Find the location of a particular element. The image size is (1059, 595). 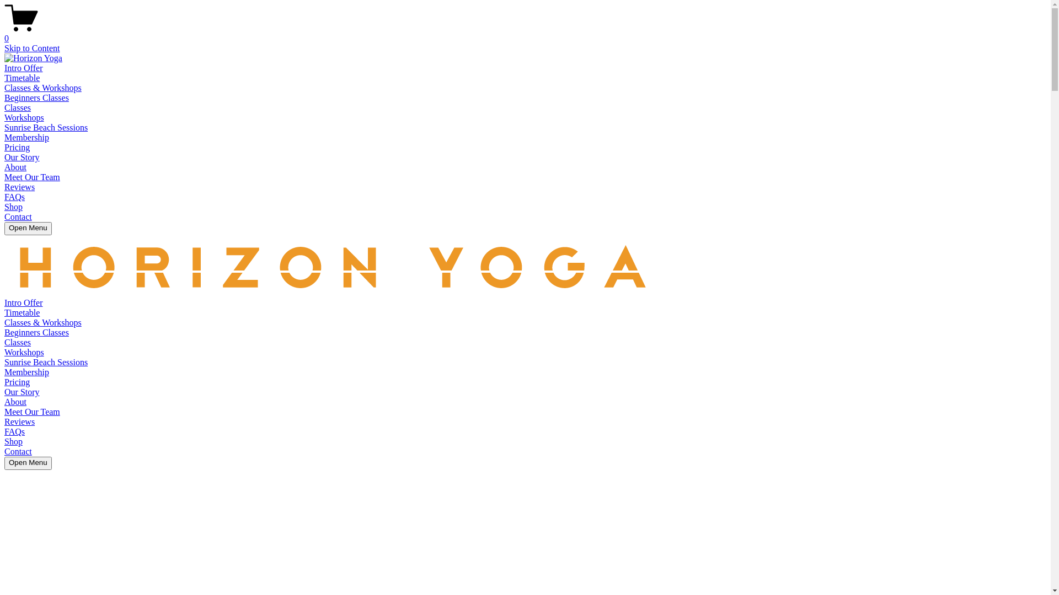

'Sunrise Beach Sessions' is located at coordinates (45, 362).